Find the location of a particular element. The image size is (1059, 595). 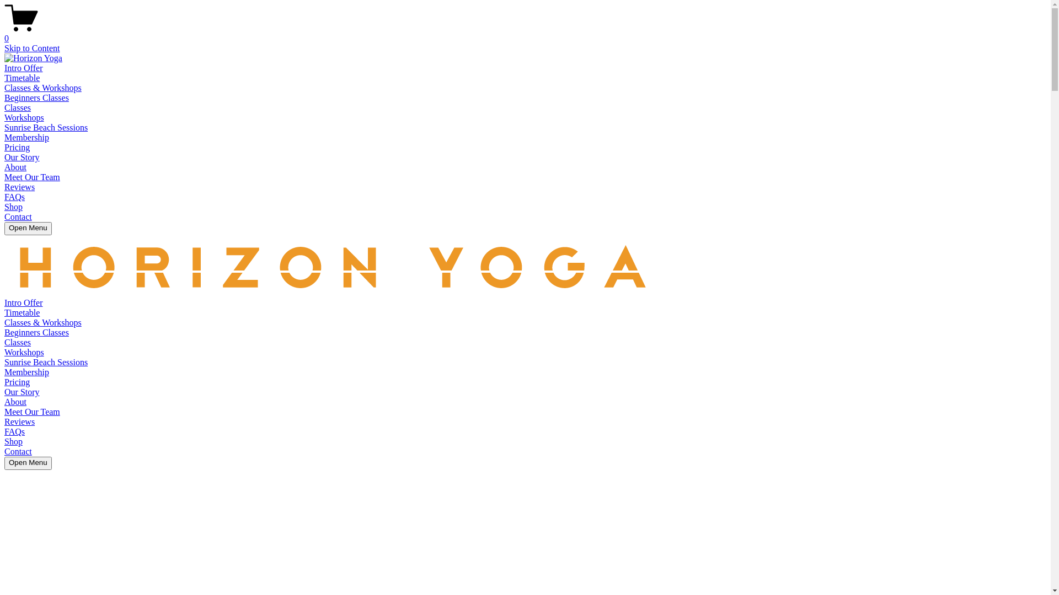

'Sunrise Beach Sessions' is located at coordinates (45, 362).